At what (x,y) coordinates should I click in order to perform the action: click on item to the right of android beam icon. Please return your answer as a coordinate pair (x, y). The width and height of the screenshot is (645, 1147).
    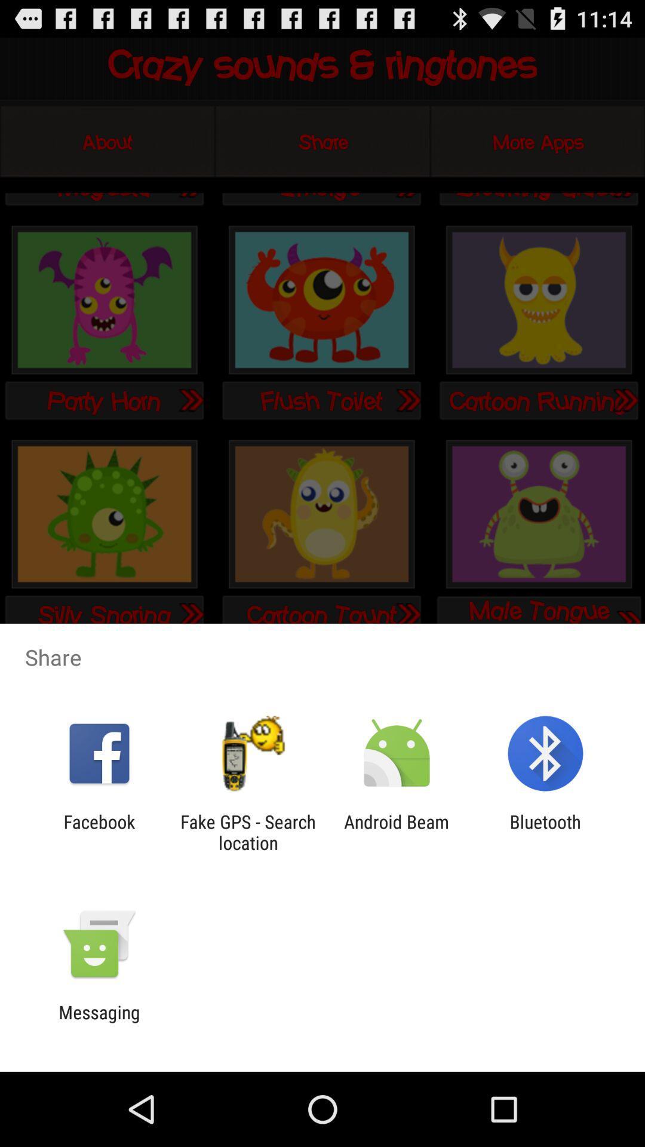
    Looking at the image, I should click on (545, 832).